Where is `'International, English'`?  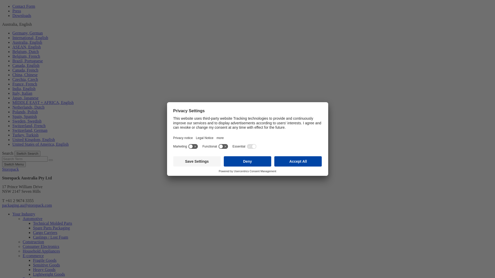 'International, English' is located at coordinates (30, 37).